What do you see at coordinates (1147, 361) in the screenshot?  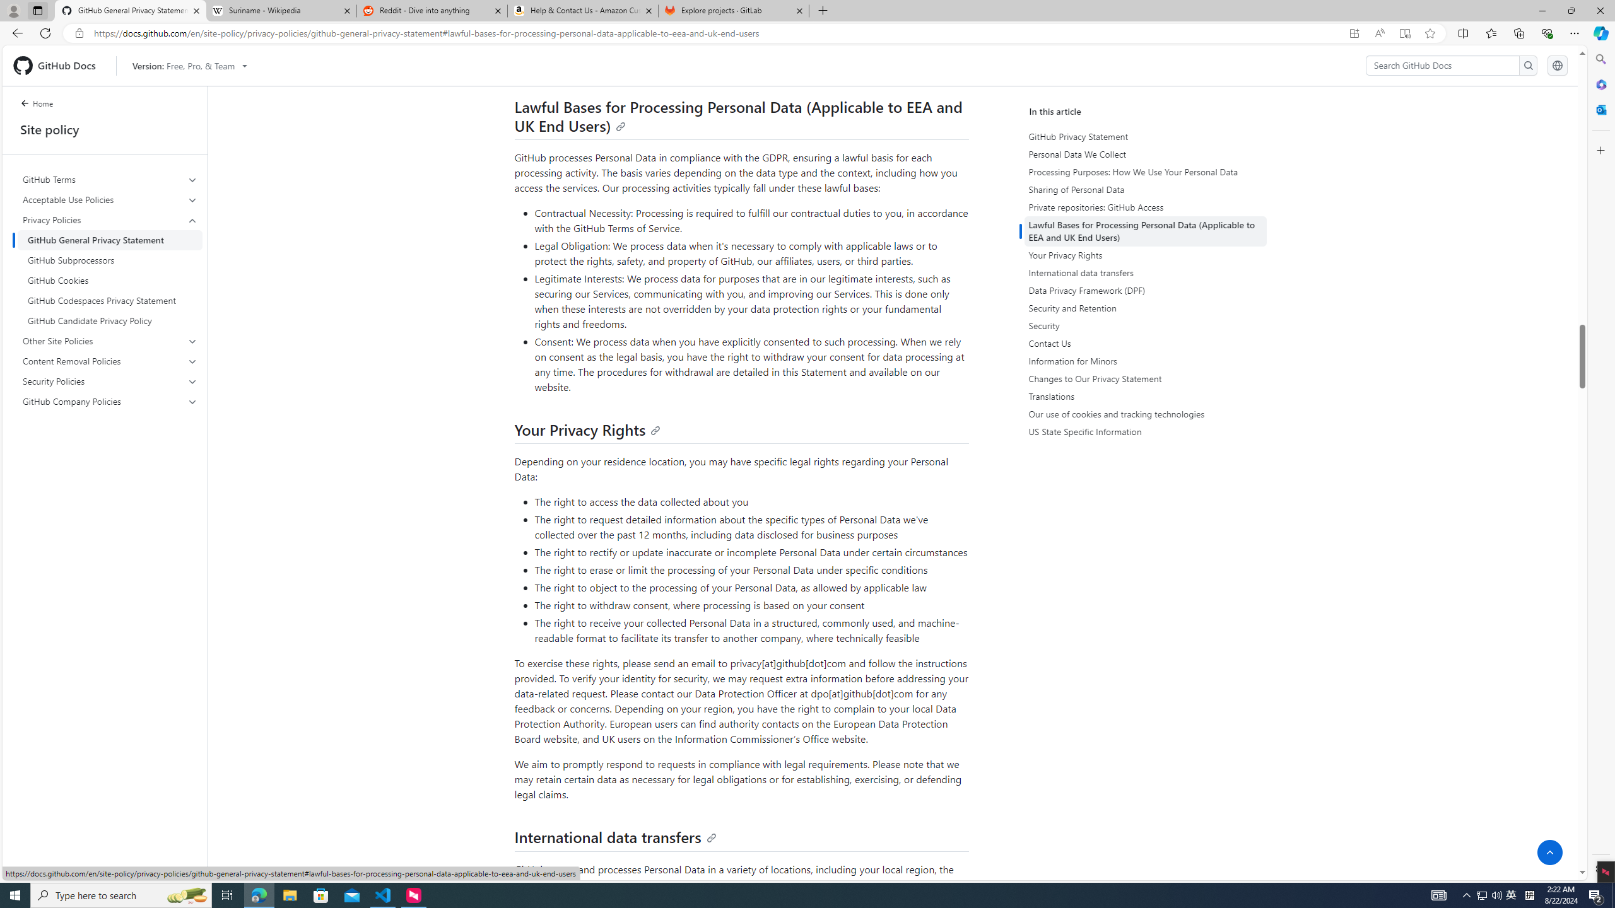 I see `'Information for Minors'` at bounding box center [1147, 361].